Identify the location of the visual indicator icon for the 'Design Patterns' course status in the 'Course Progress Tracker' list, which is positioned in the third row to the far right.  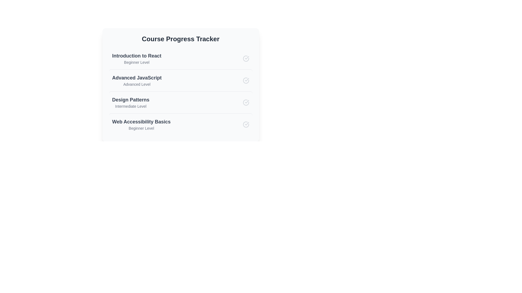
(246, 103).